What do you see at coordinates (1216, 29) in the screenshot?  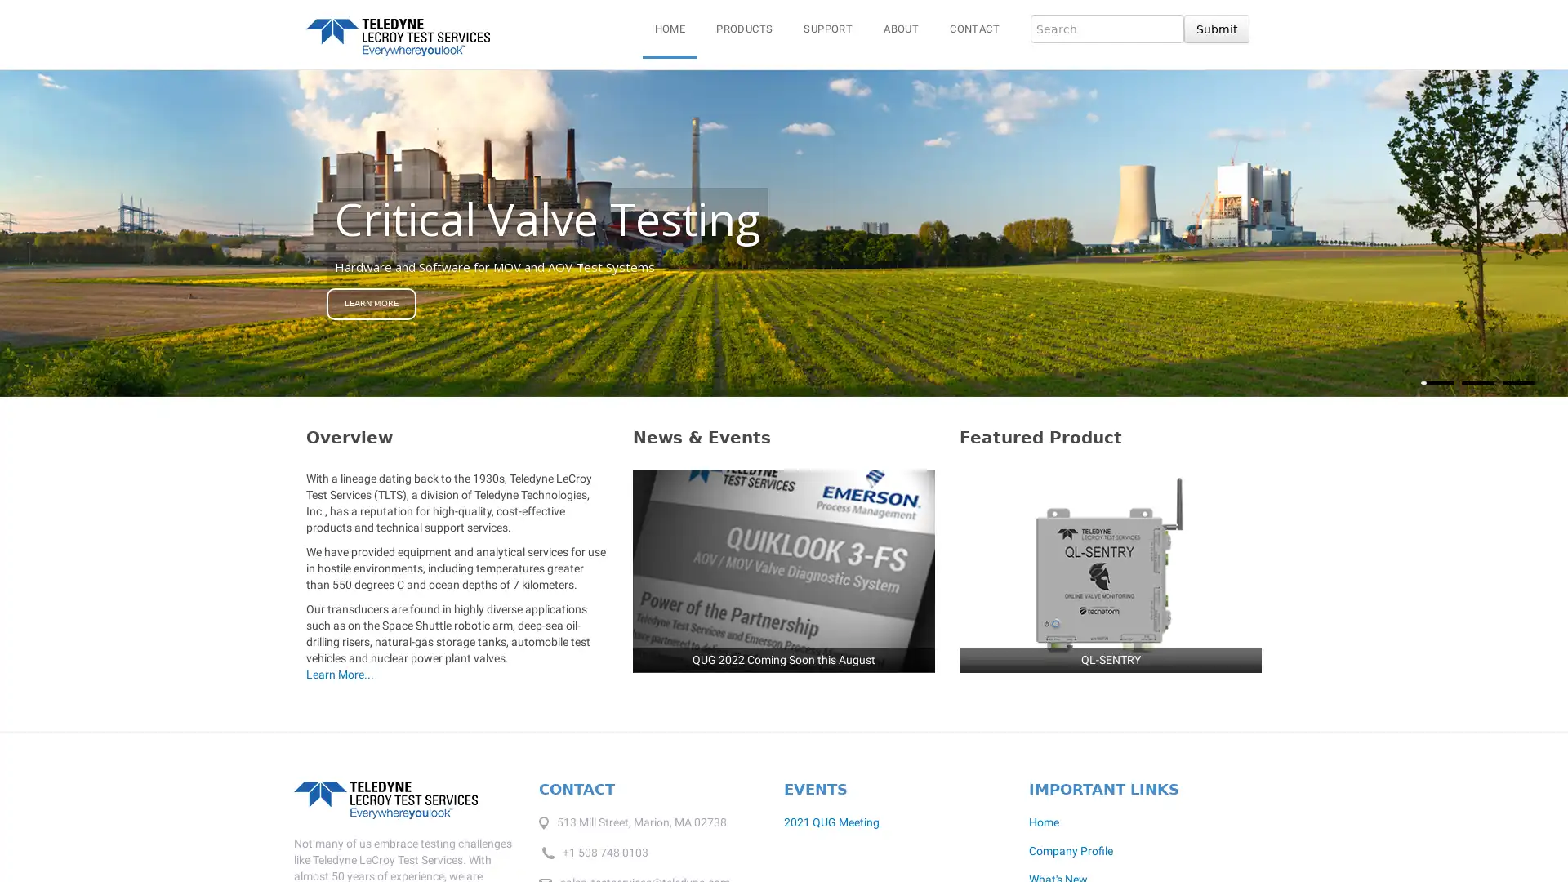 I see `Submit` at bounding box center [1216, 29].